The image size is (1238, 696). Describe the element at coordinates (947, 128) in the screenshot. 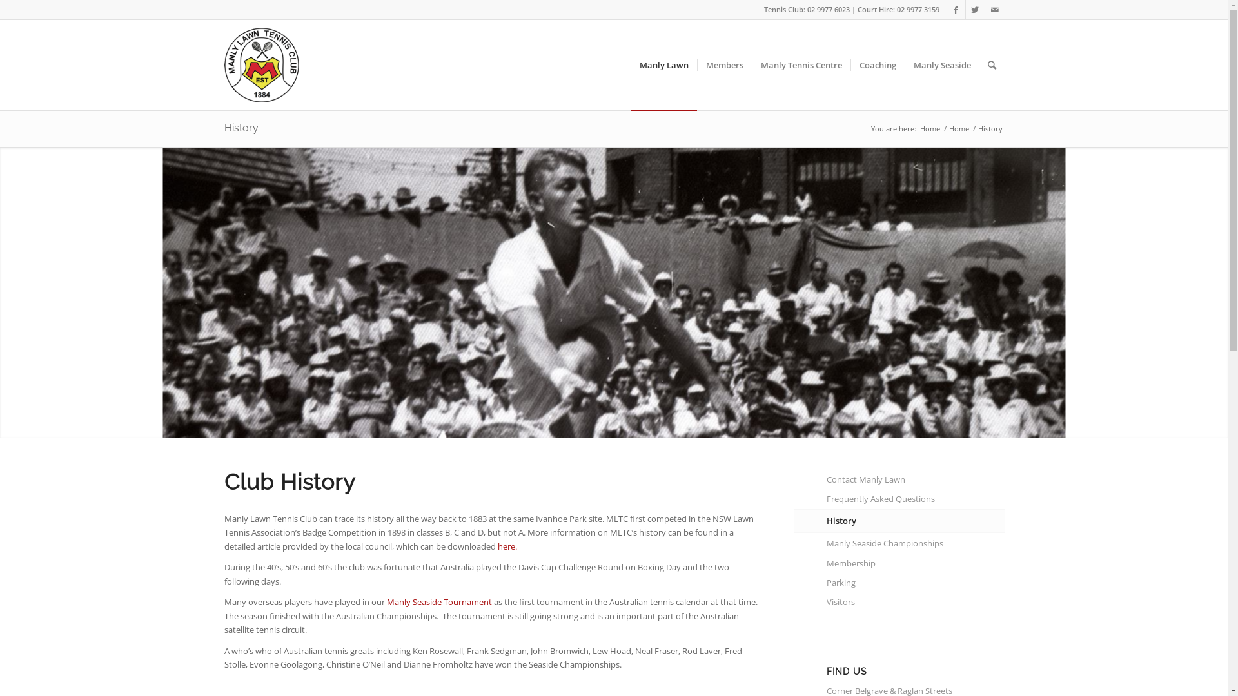

I see `'Home'` at that location.